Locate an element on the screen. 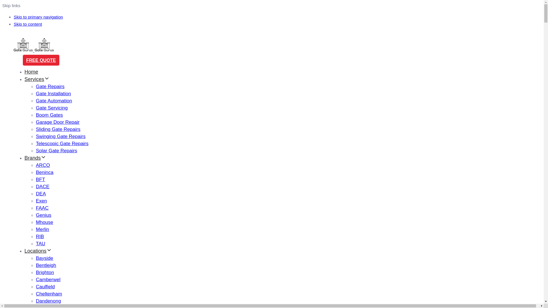 The image size is (548, 308). 'Merlin' is located at coordinates (35, 229).